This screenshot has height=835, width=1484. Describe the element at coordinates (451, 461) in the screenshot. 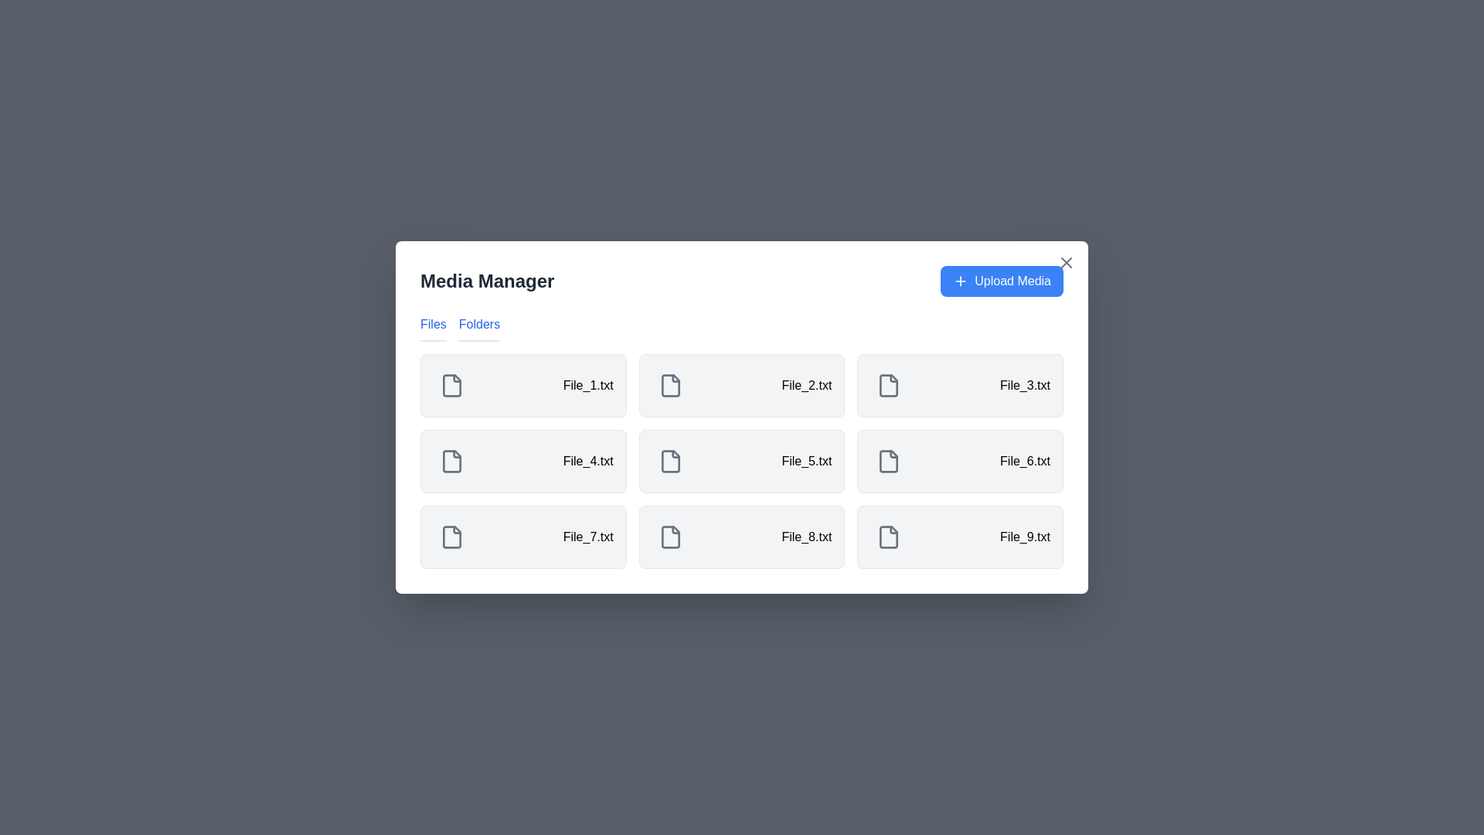

I see `the icon representing the file 'File_4.txt', which is located in the second row of the grid layout in the media manager interface` at that location.